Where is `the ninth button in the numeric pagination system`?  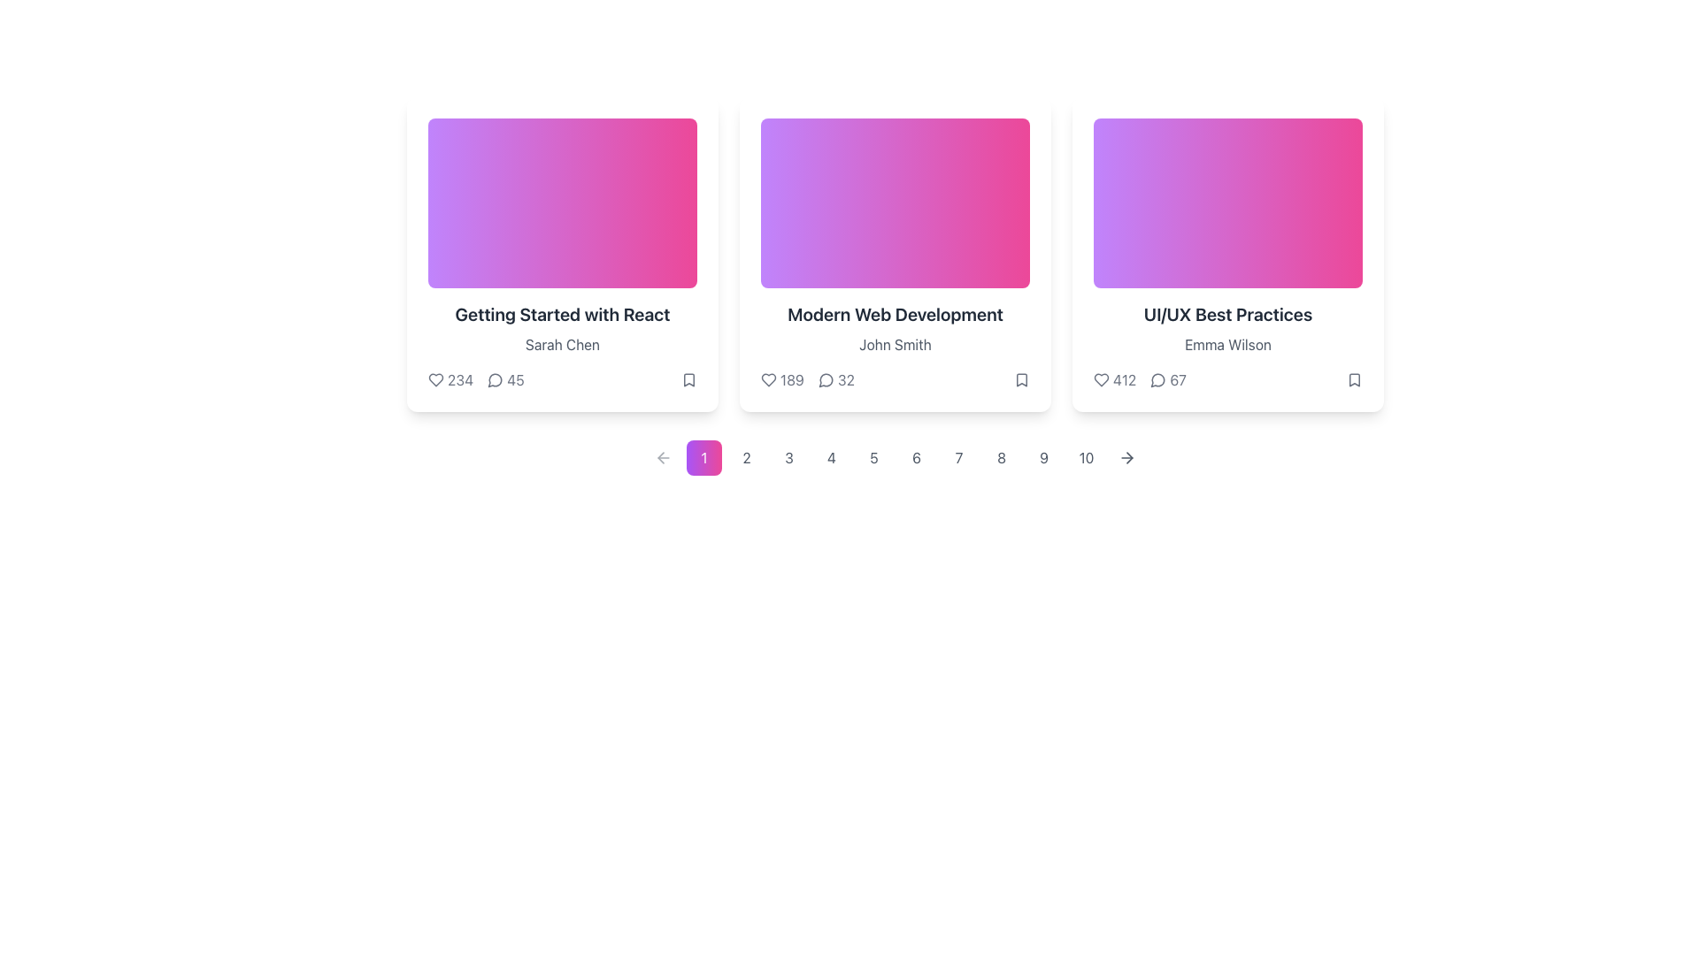
the ninth button in the numeric pagination system is located at coordinates (1044, 456).